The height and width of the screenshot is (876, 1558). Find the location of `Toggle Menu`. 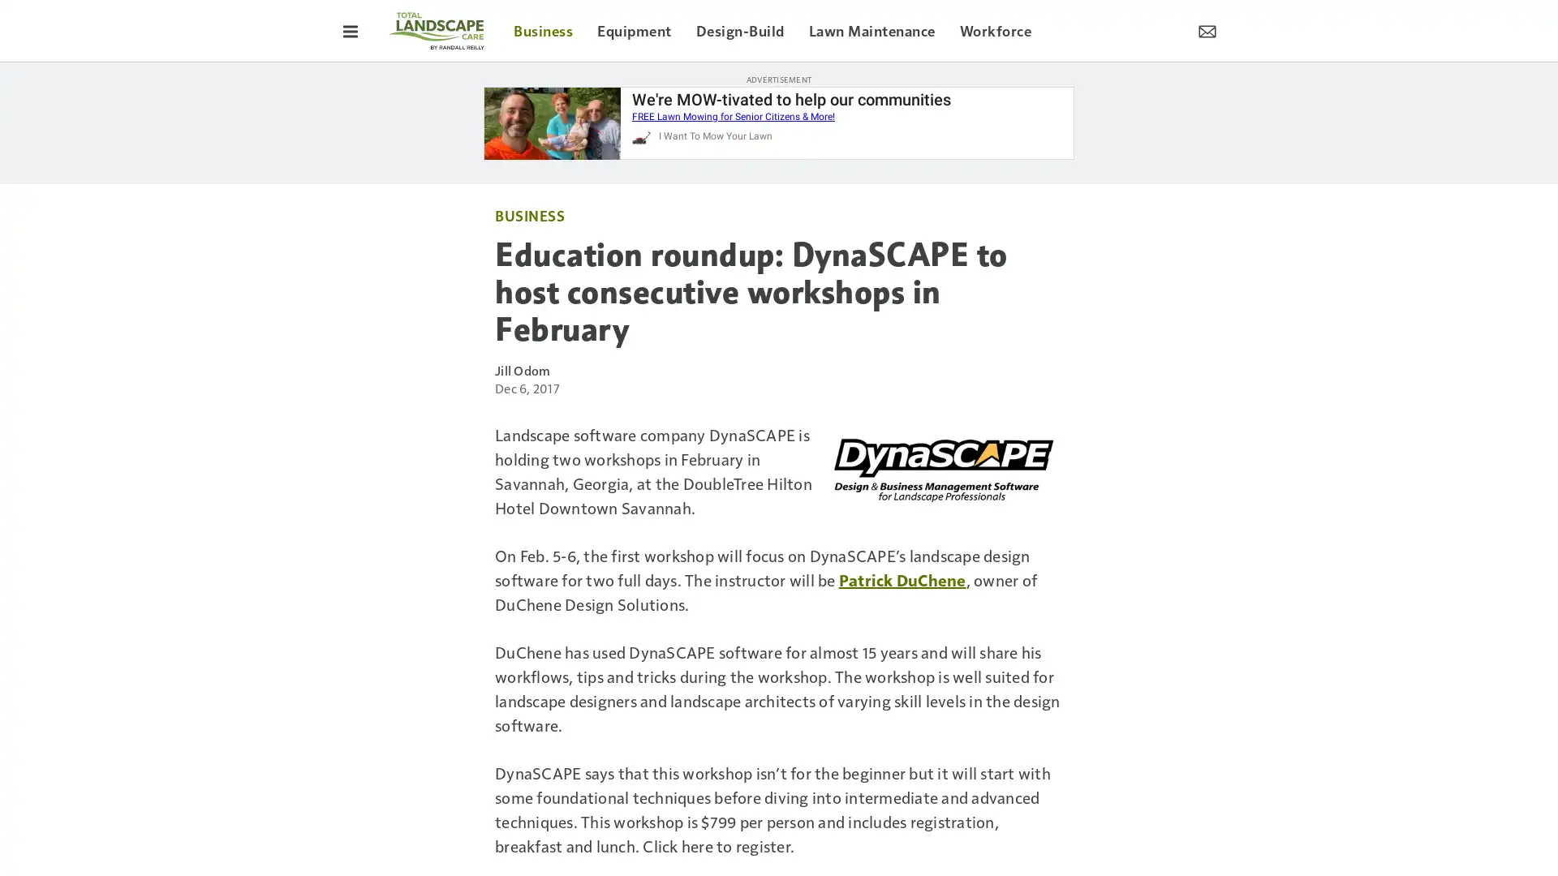

Toggle Menu is located at coordinates (350, 30).